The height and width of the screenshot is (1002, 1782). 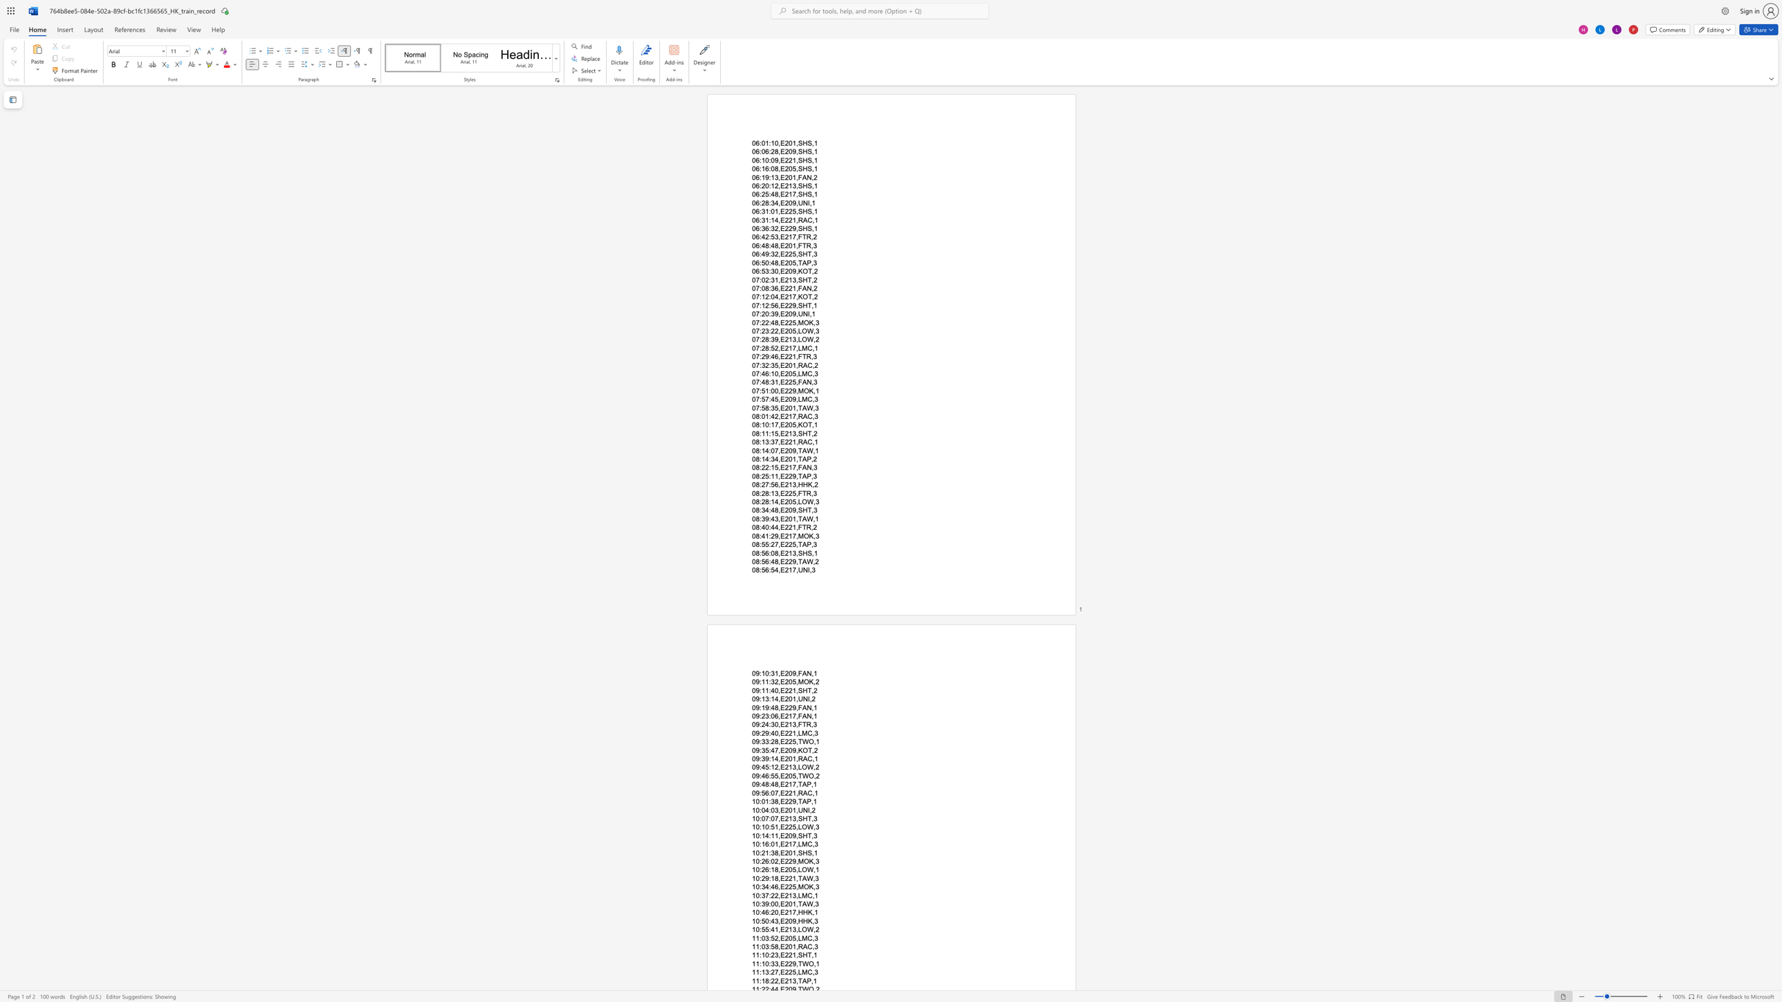 What do you see at coordinates (774, 553) in the screenshot?
I see `the subset text "8,E213,SHS," within the text "08:56:08,E213,SHS,1"` at bounding box center [774, 553].